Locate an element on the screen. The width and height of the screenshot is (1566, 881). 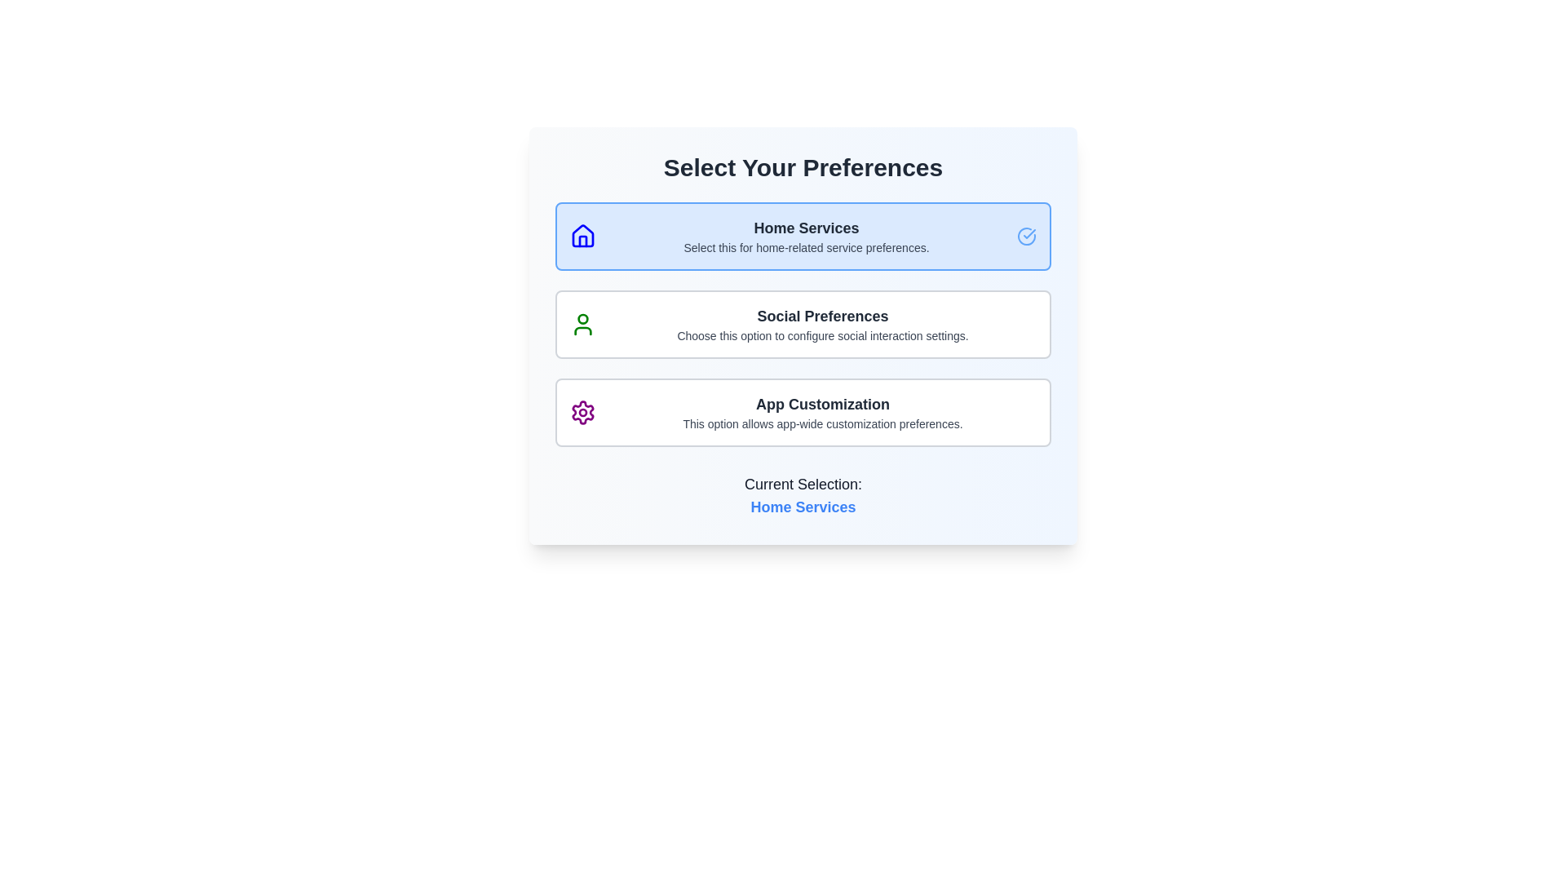
text description displayed in small gray font that states 'This option allows app-wide customization preferences.' It is located below the title 'App Customization.' is located at coordinates (822, 423).